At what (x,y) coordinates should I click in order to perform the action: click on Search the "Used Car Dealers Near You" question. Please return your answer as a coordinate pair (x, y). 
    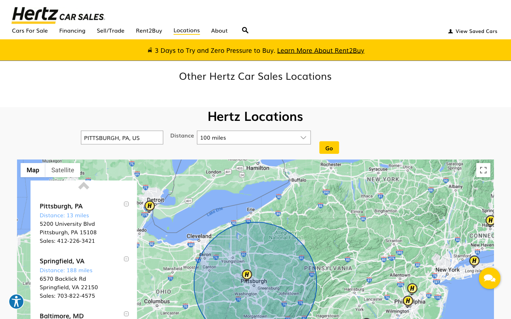
    Looking at the image, I should click on (245, 28).